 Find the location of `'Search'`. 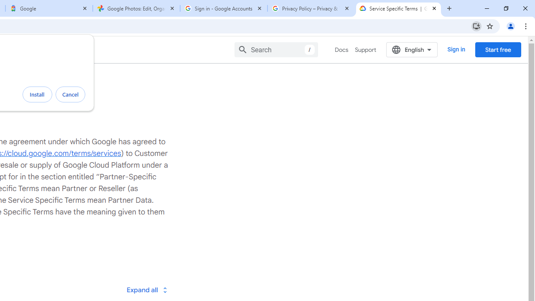

'Search' is located at coordinates (276, 49).